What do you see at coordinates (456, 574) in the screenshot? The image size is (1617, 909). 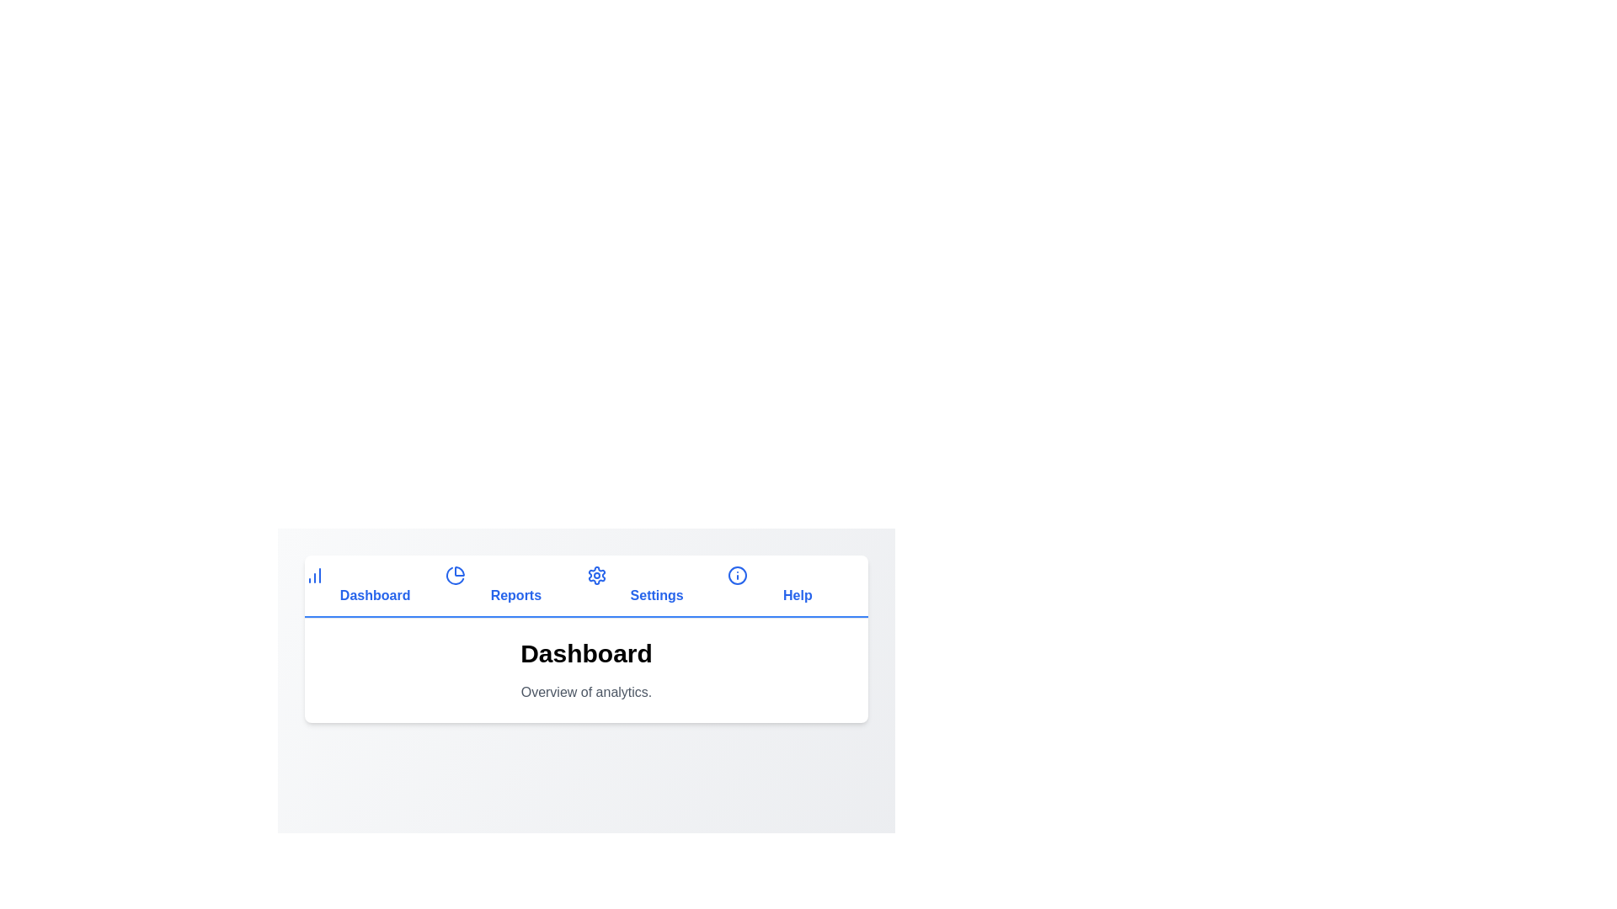 I see `the 'Reports' icon, which is located immediately to the left of the 'Reports' label in the navigation options` at bounding box center [456, 574].